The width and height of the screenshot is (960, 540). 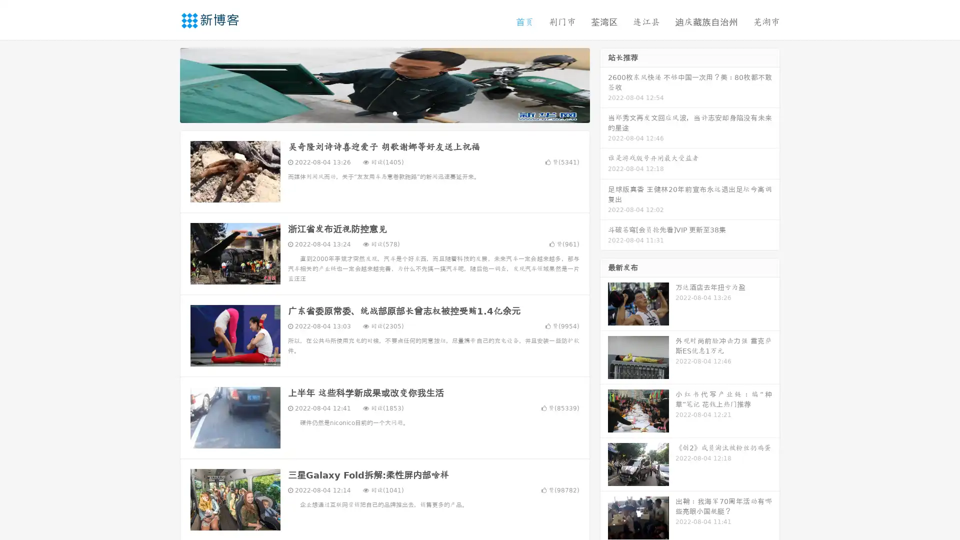 I want to click on Go to slide 3, so click(x=394, y=112).